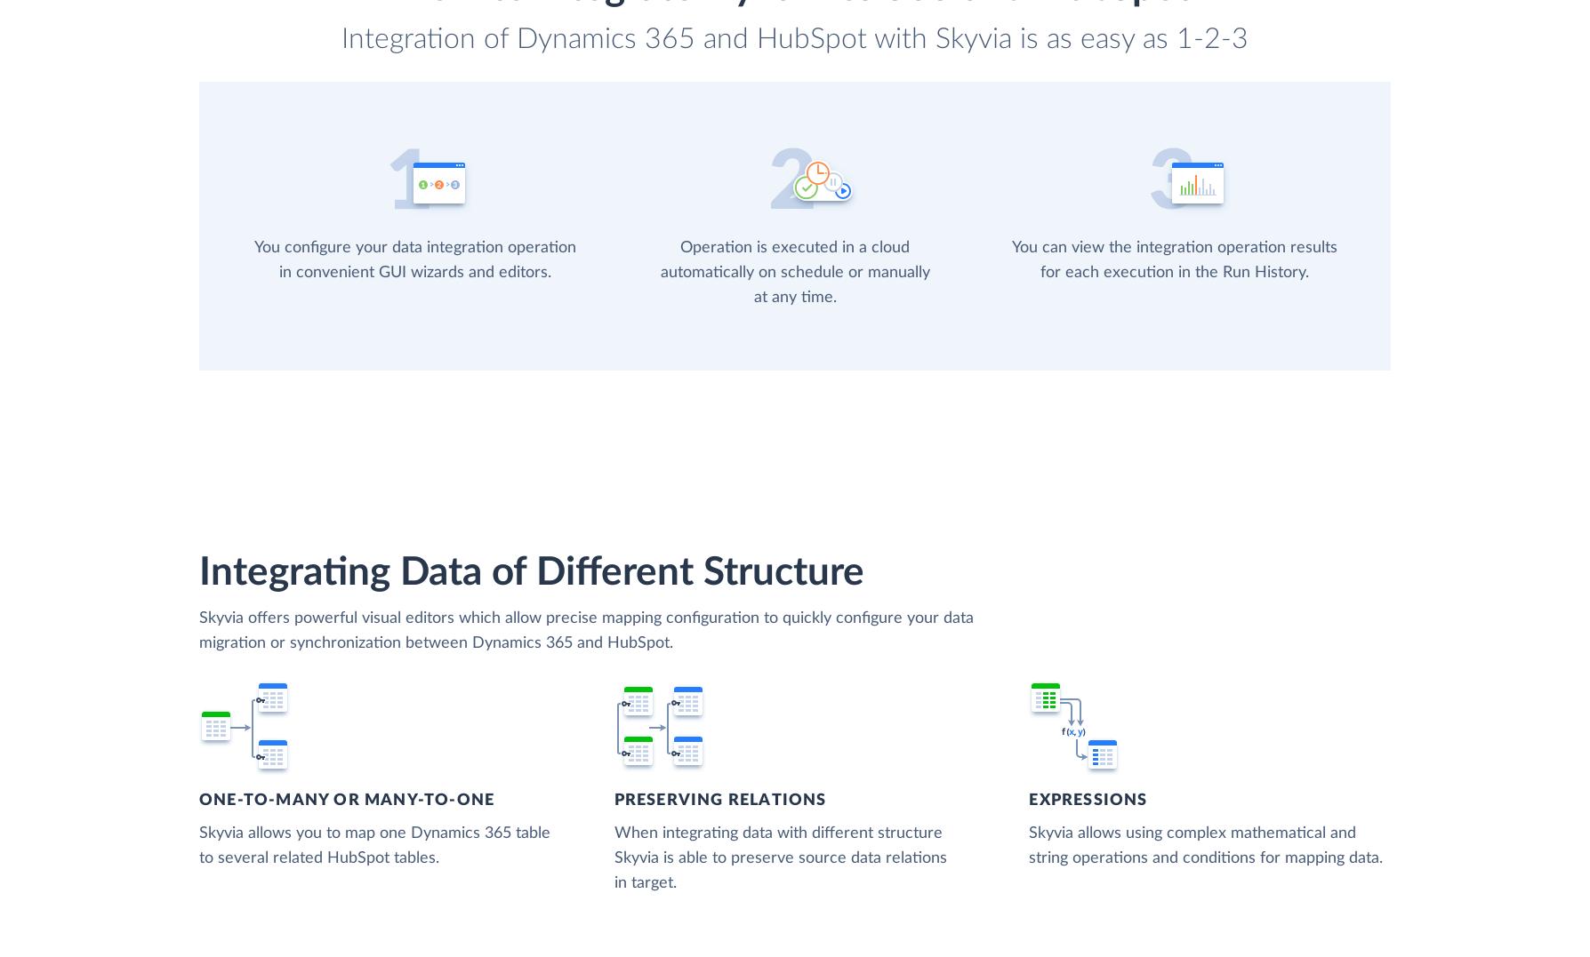  I want to click on 'Skyvia offers powerful visual editors which allow precise mapping configuration to quickly configure your data migration or synchronization between Dynamics 365 and HubSpot.', so click(586, 629).